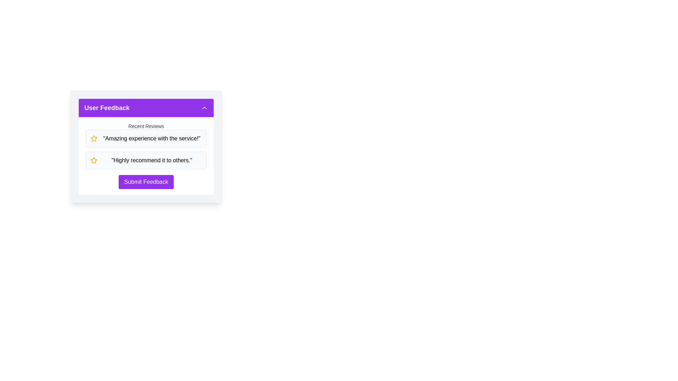 The image size is (678, 381). What do you see at coordinates (93, 160) in the screenshot?
I see `the star icon, which is filled with yellow and located to the left of the text 'Amazing experience with the service!', to indicate a rating or feedback` at bounding box center [93, 160].